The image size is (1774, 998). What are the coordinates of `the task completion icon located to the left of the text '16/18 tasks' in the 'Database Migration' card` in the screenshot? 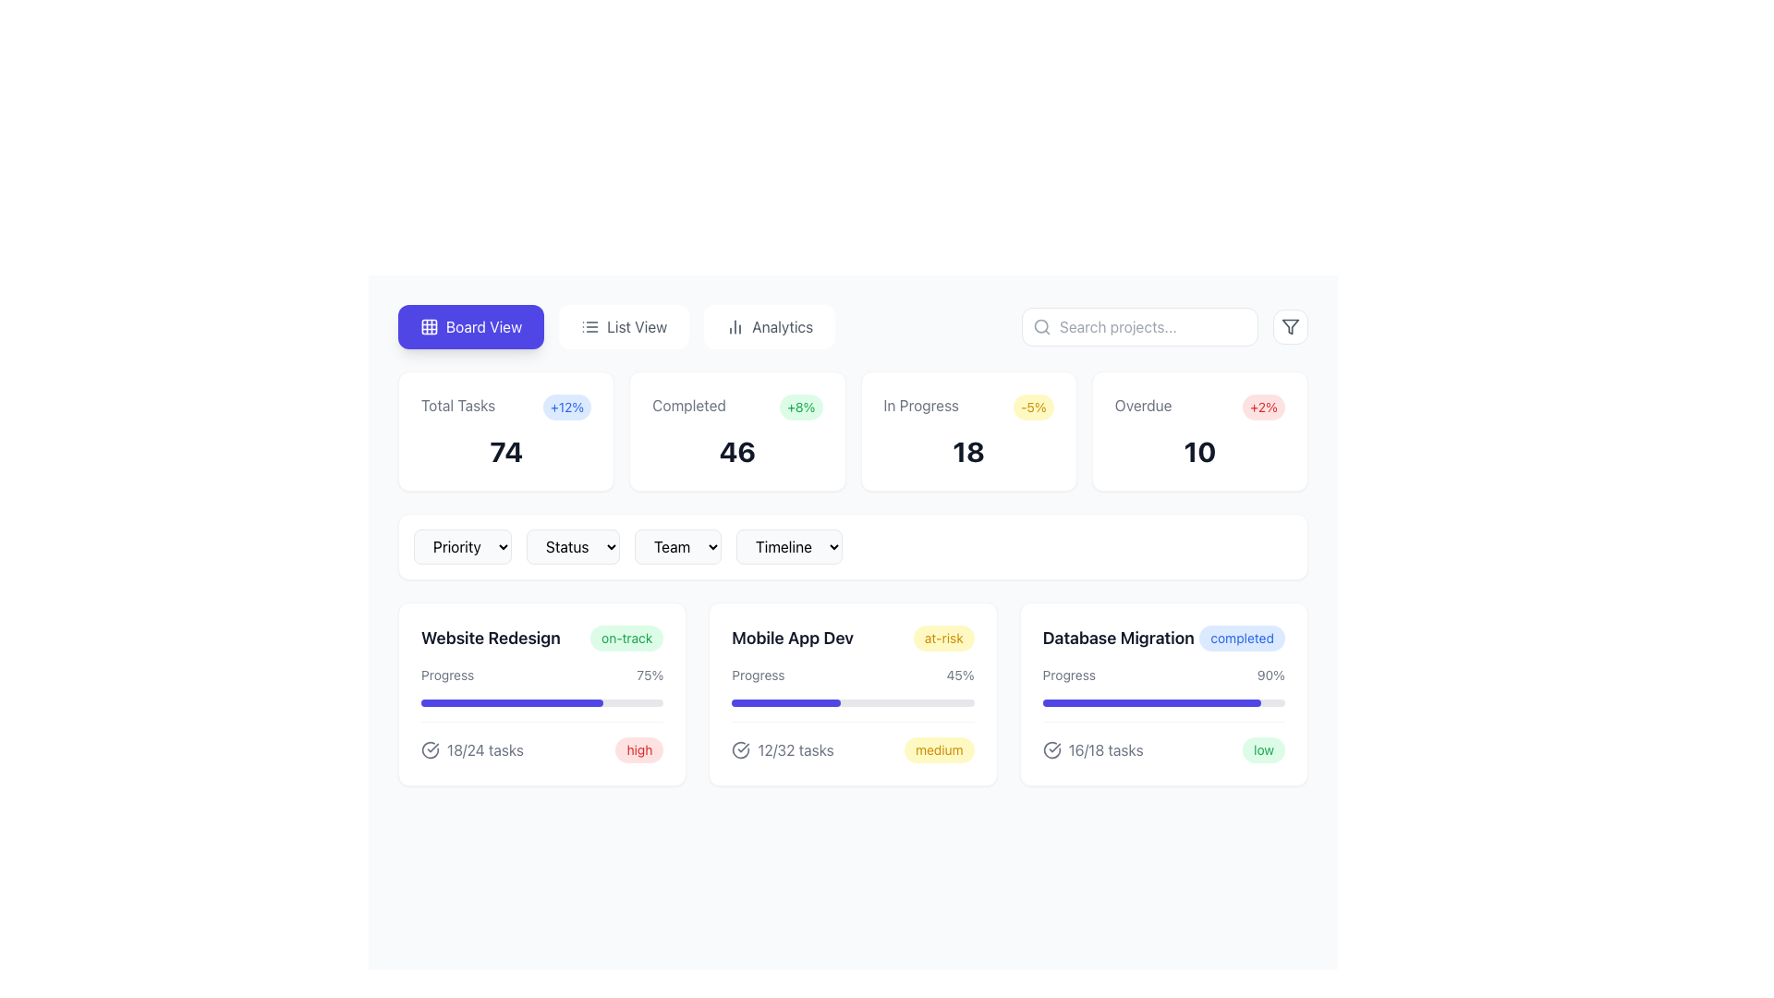 It's located at (1051, 750).